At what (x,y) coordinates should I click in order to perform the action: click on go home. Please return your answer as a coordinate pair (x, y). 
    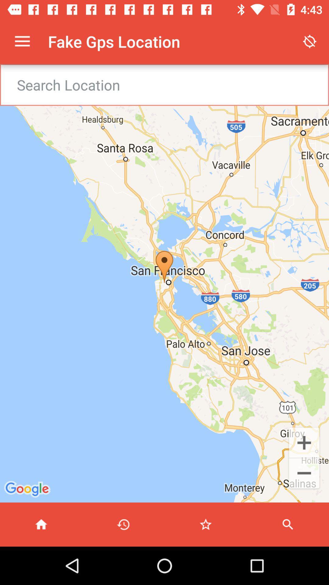
    Looking at the image, I should click on (41, 524).